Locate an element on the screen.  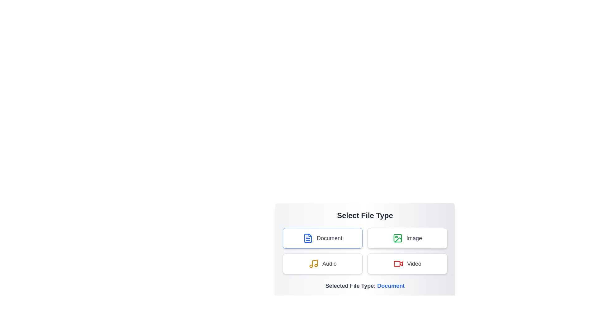
the image icon with a green outline representing a picture frame, located inside the 'Image' button in the top-right corner is located at coordinates (397, 238).